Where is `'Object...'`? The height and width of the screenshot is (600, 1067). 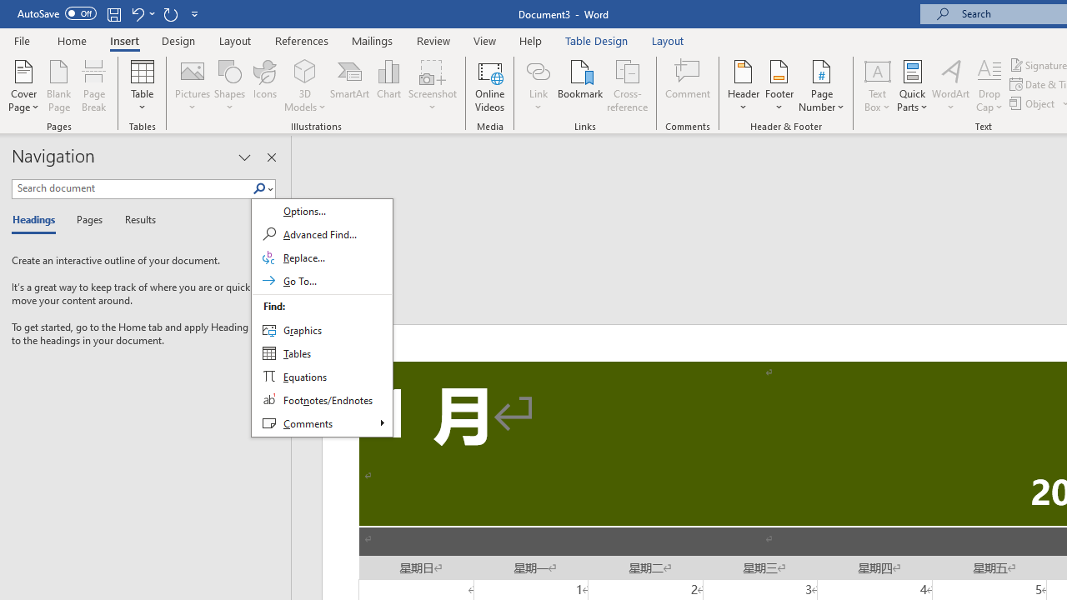 'Object...' is located at coordinates (1033, 103).